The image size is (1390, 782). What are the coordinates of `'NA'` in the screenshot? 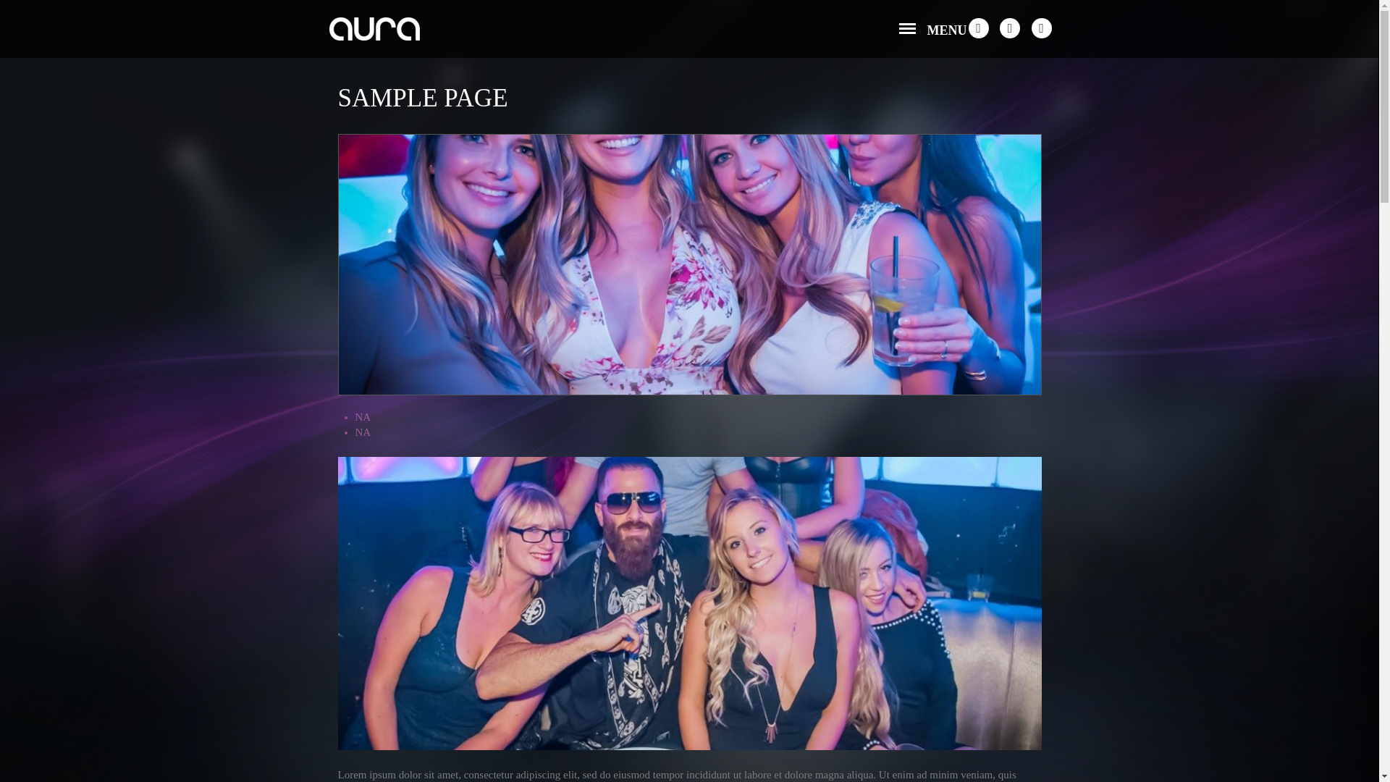 It's located at (362, 431).